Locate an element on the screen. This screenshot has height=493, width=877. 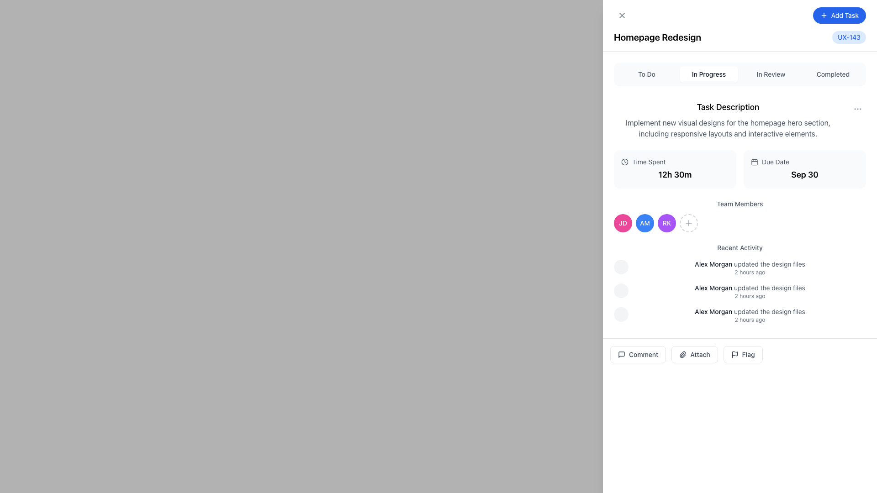
the Icon button represented as a vertical ellipsis located near the upper-right section of the panel to trigger any hover effects that may be present is located at coordinates (857, 109).